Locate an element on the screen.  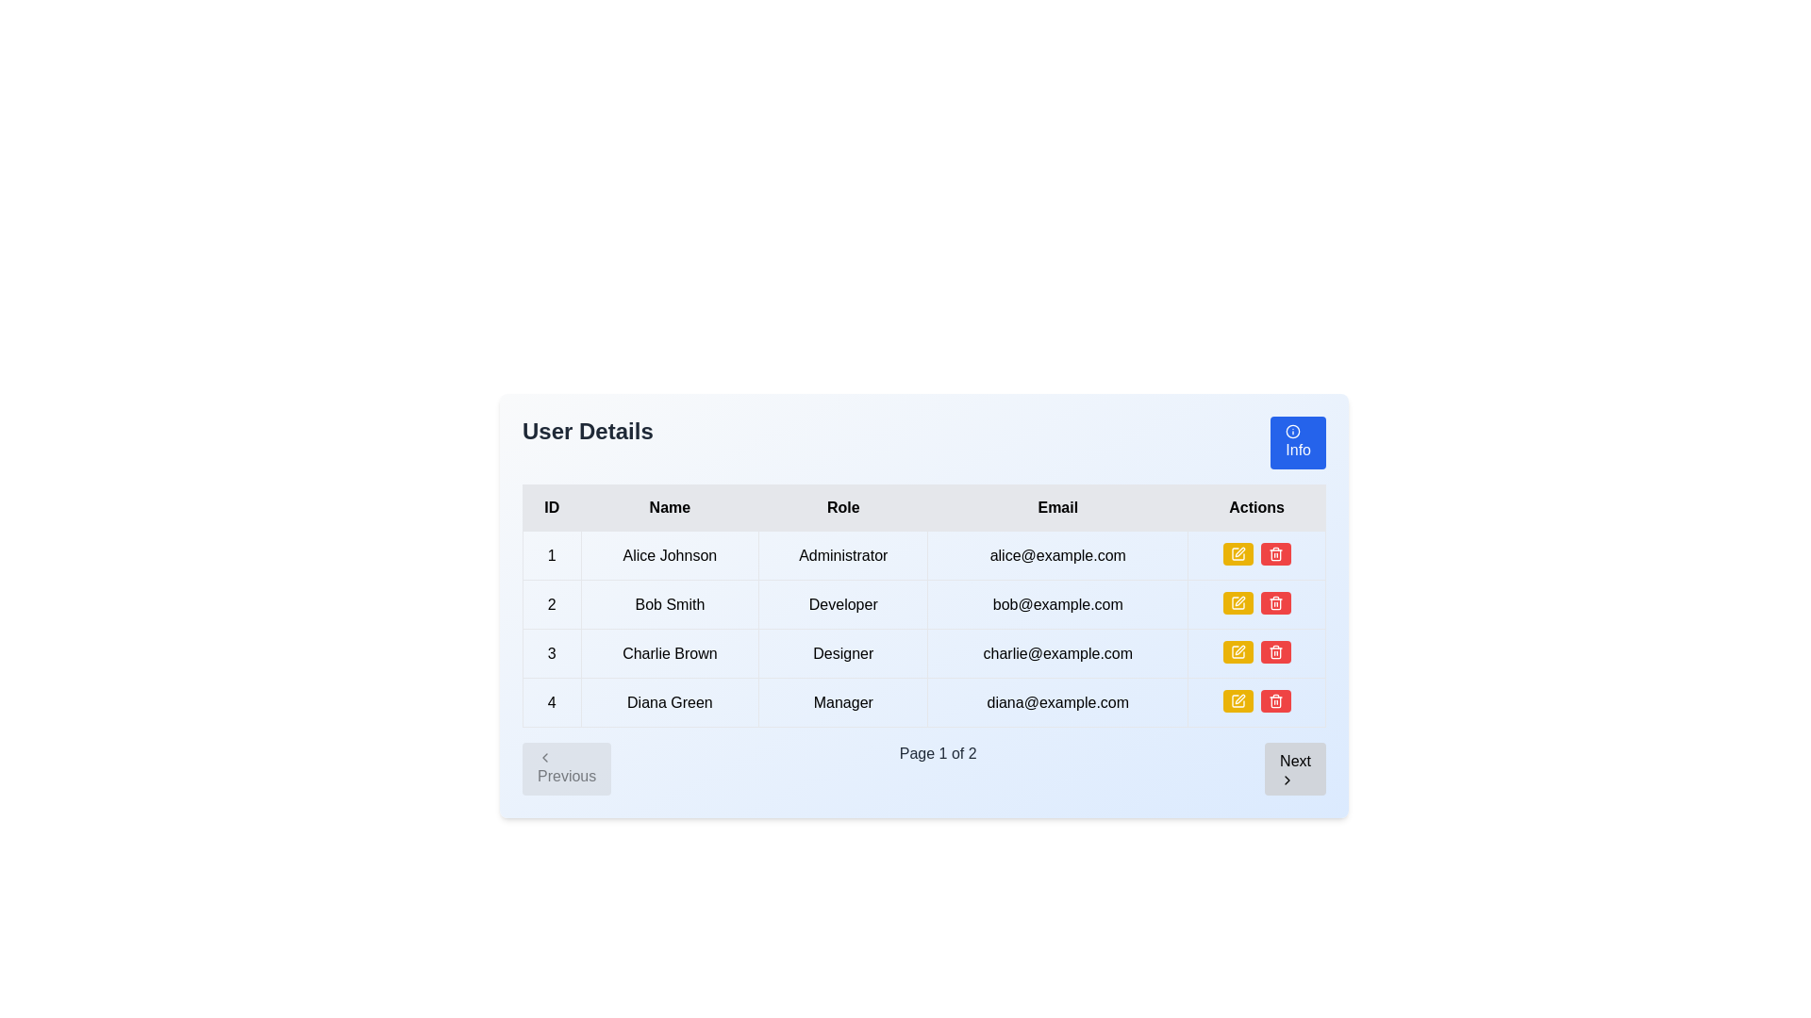
the text label displaying the email address of Alice Johnson, which is located in the fourth column under the 'Email' header of the table is located at coordinates (1057, 554).